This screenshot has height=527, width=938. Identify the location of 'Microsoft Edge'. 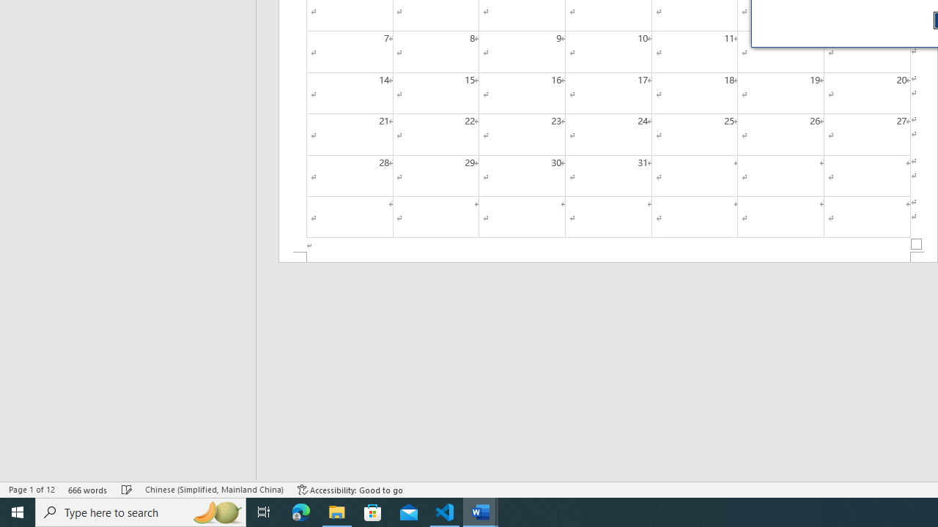
(300, 511).